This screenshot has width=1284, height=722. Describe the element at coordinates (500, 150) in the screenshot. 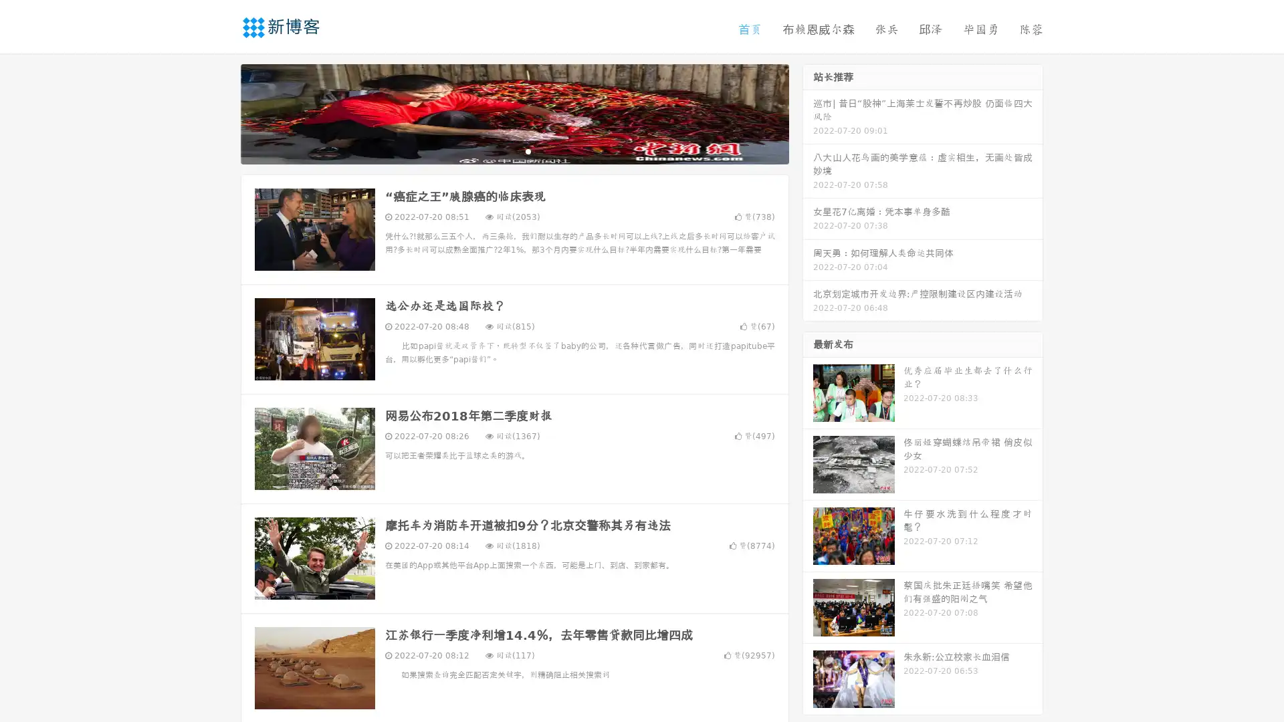

I see `Go to slide 1` at that location.